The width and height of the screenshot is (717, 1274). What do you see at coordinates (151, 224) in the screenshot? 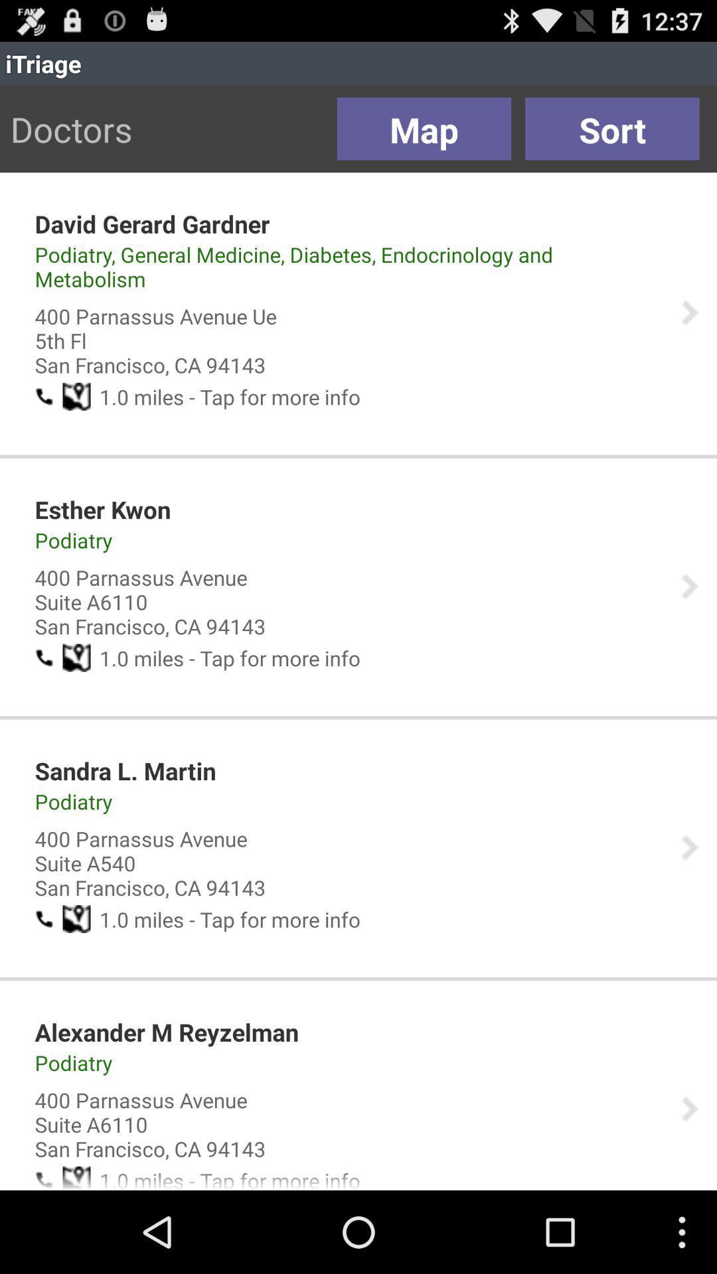
I see `the david gerard gardner` at bounding box center [151, 224].